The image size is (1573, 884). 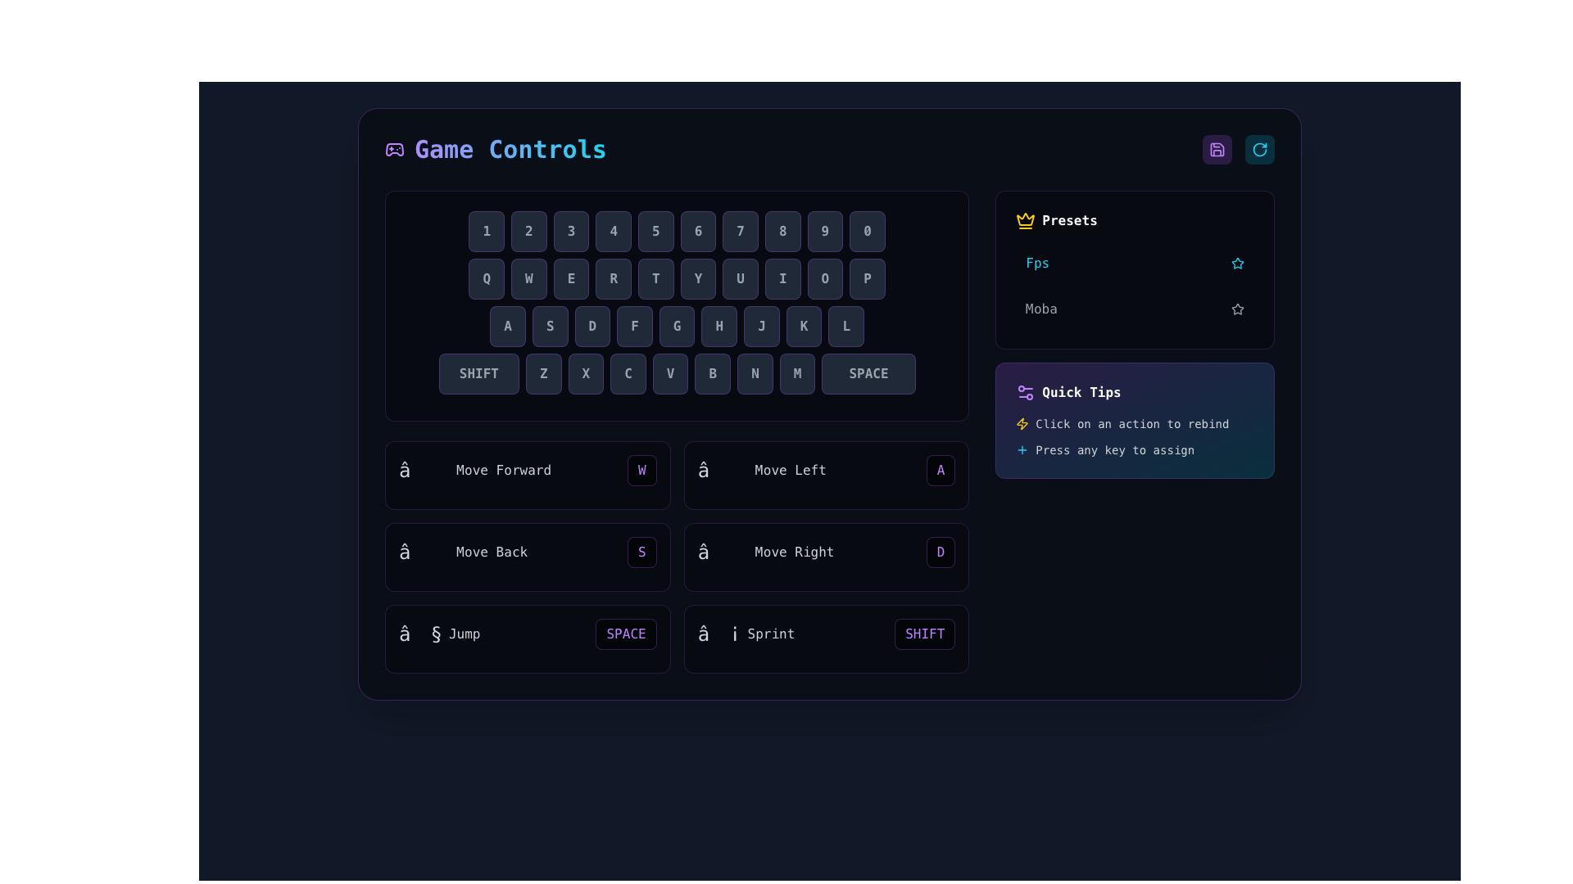 I want to click on the virtual keyboard button 'Q', which is located at the leftmost position in the second row of the keyboard layout, so click(x=486, y=277).